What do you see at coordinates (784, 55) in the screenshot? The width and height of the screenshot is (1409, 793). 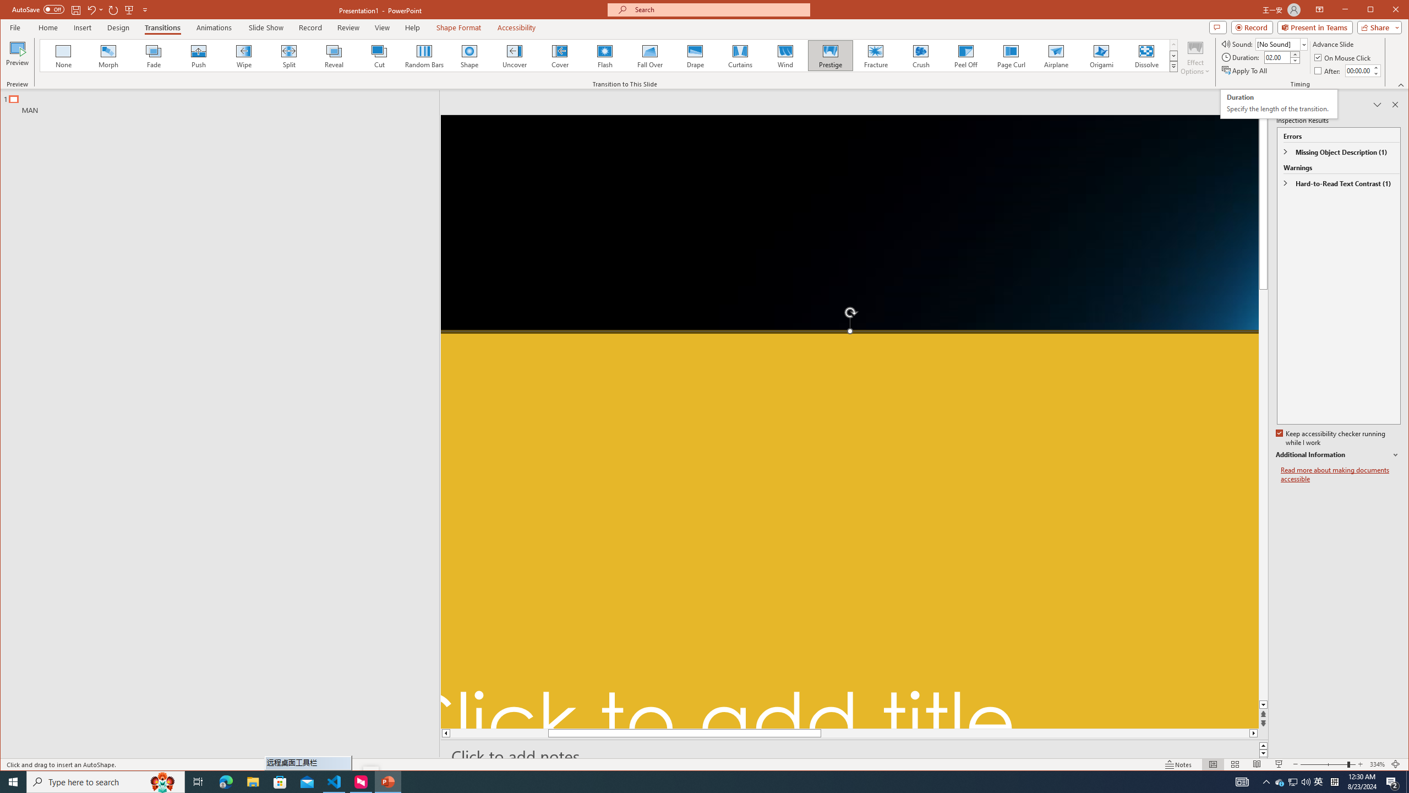 I see `'Wind'` at bounding box center [784, 55].